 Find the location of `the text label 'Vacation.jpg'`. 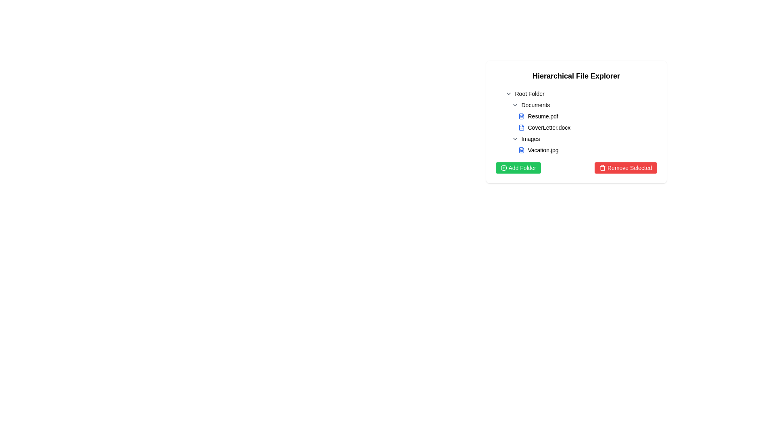

the text label 'Vacation.jpg' is located at coordinates (543, 150).